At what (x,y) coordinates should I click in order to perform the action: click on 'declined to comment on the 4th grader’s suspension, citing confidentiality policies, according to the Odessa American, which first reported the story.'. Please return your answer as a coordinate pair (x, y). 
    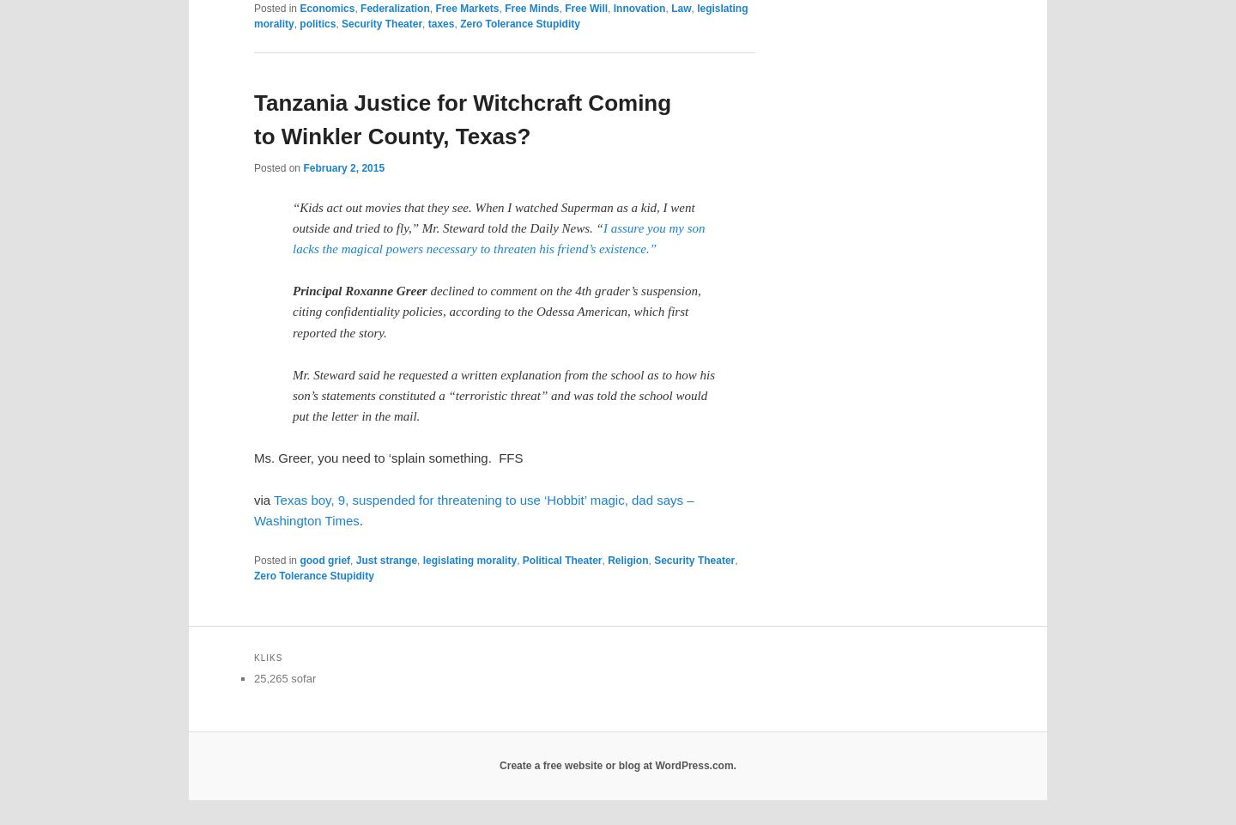
    Looking at the image, I should click on (496, 310).